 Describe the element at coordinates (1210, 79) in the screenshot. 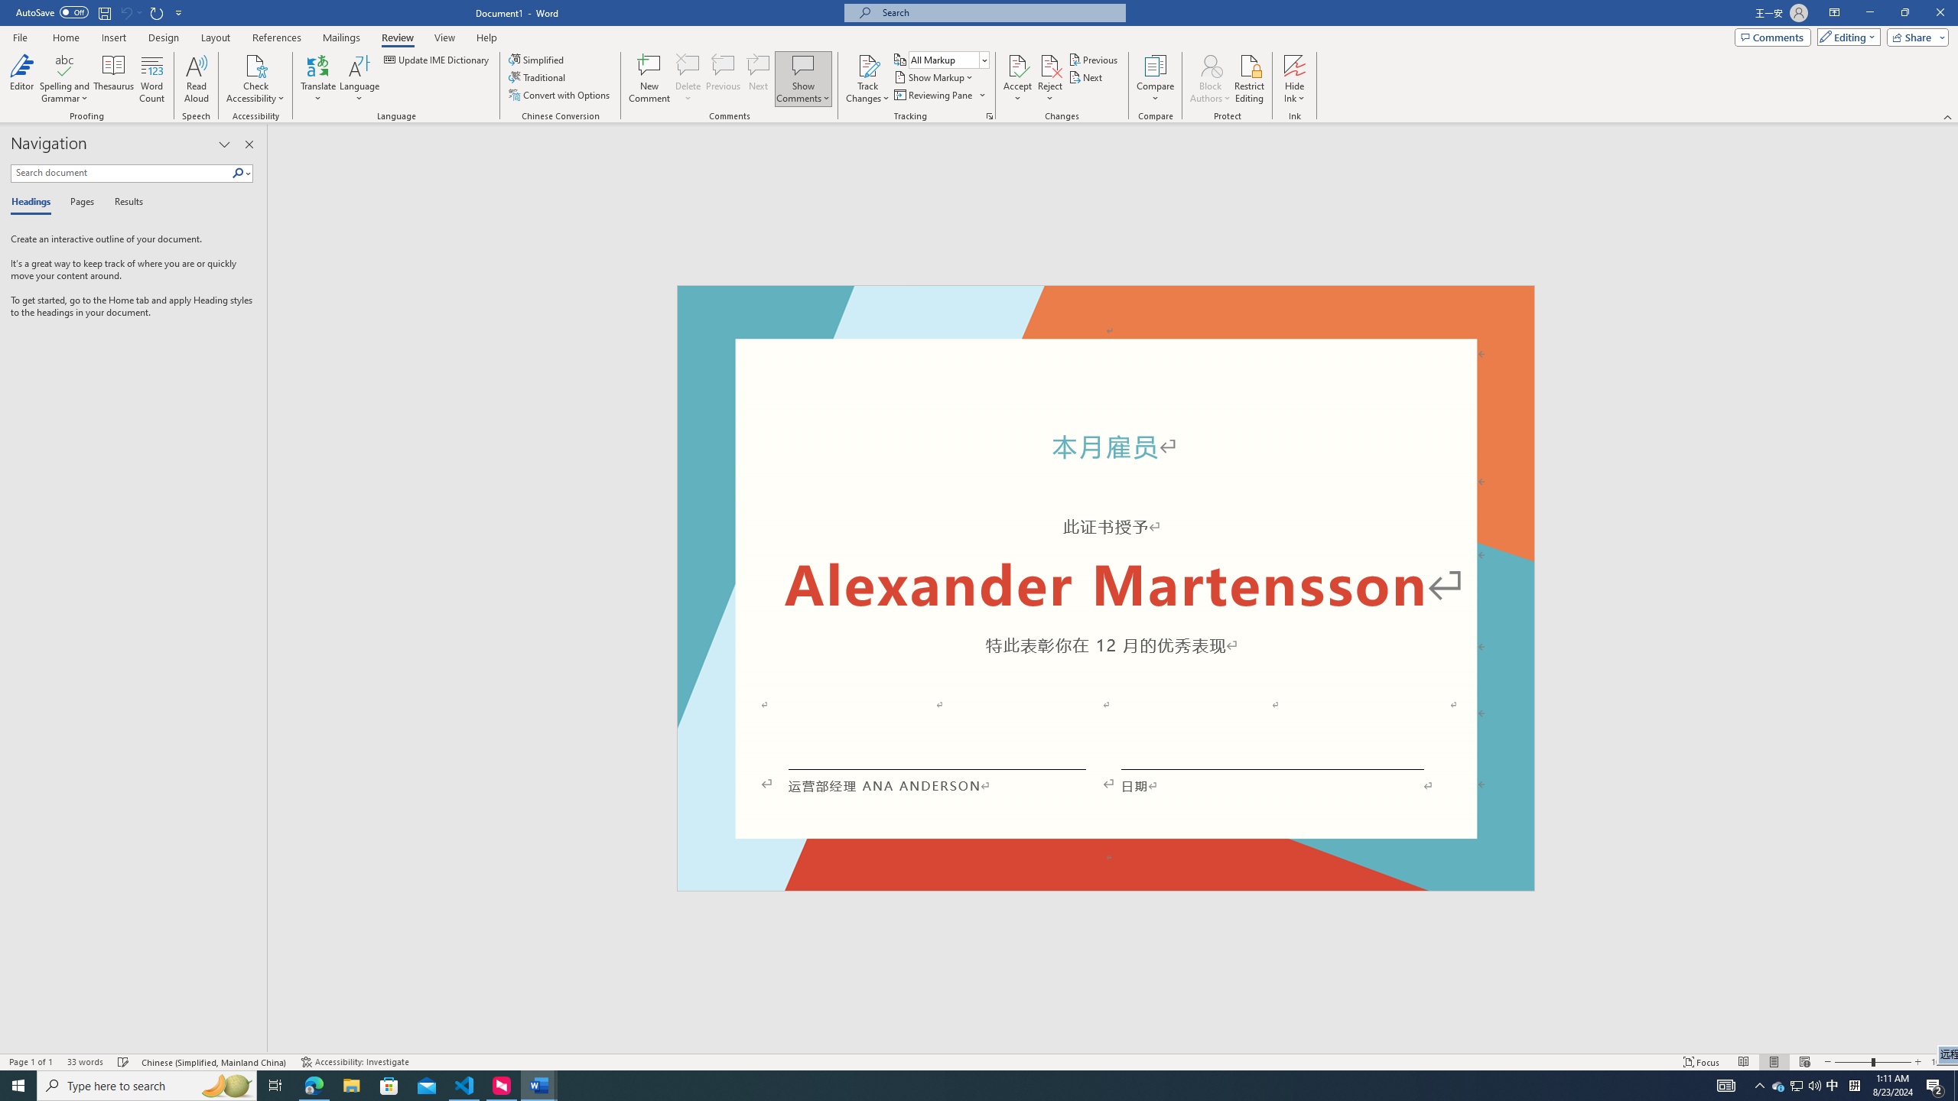

I see `'Block Authors'` at that location.